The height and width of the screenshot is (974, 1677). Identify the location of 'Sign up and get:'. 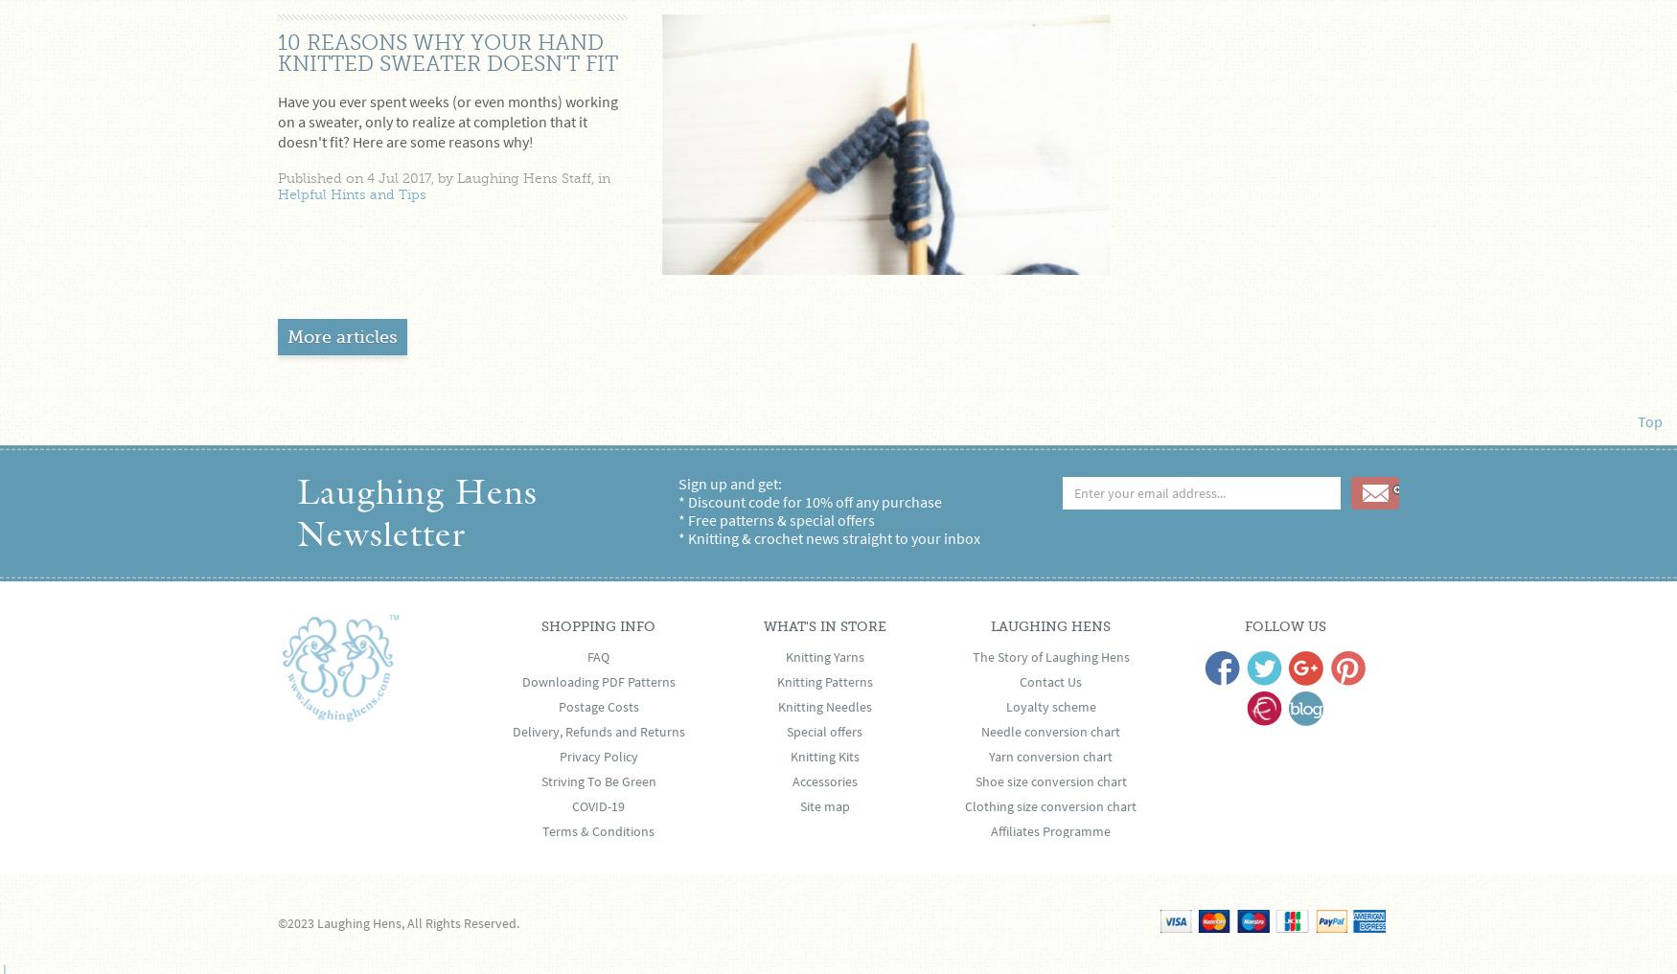
(728, 482).